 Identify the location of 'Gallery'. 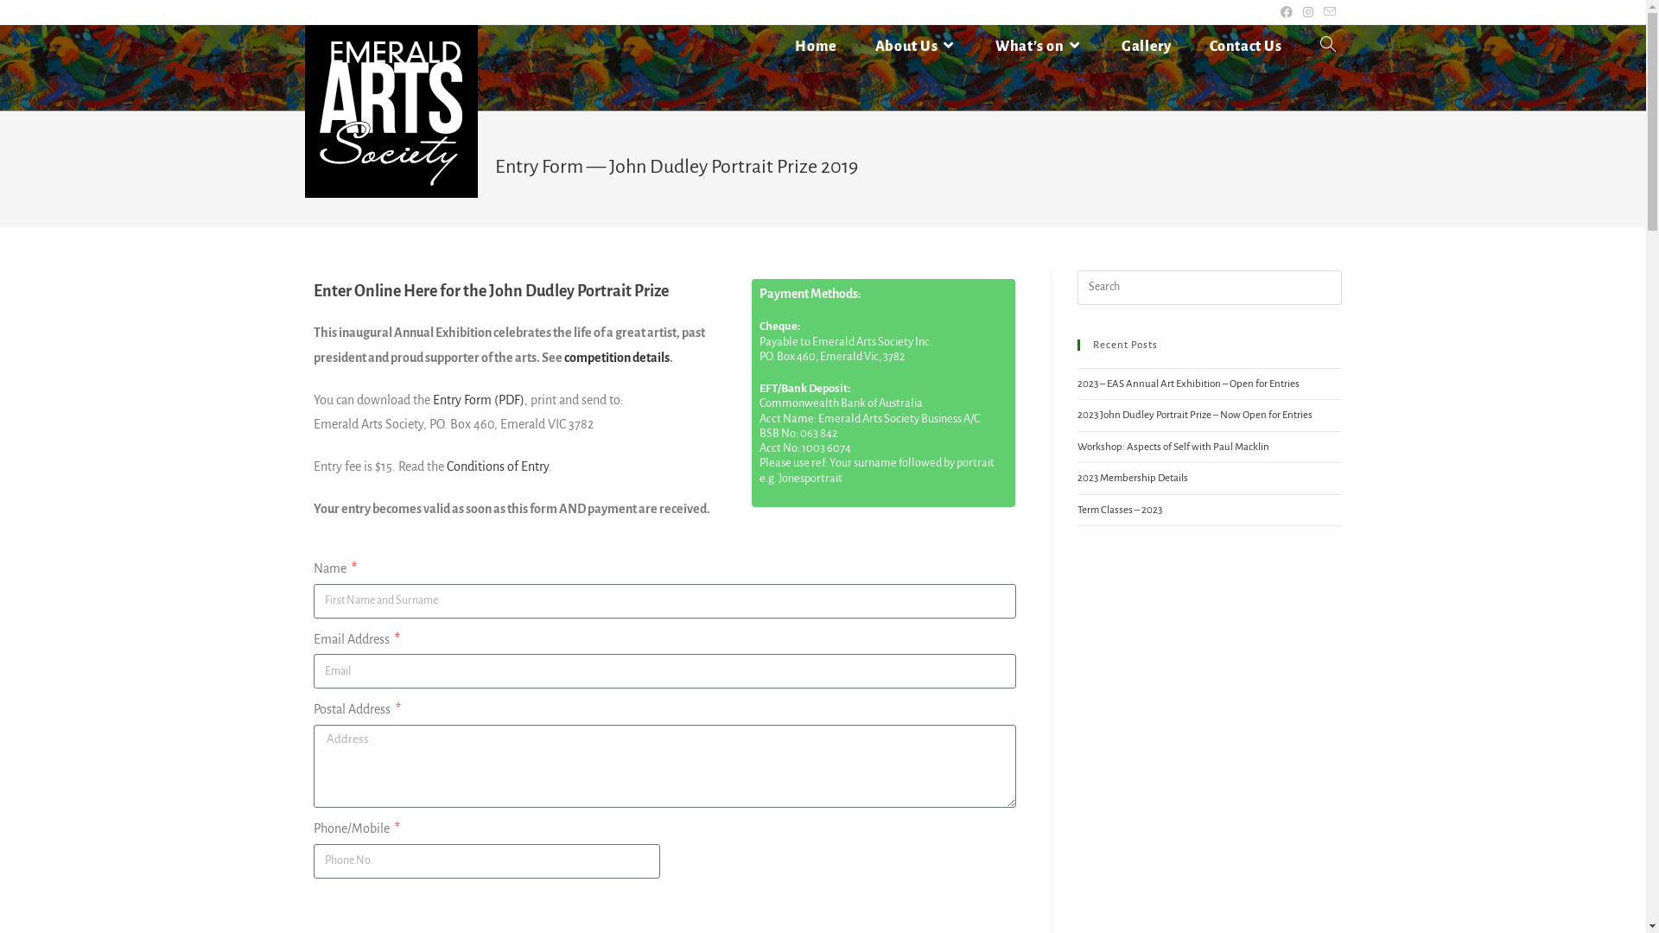
(1102, 46).